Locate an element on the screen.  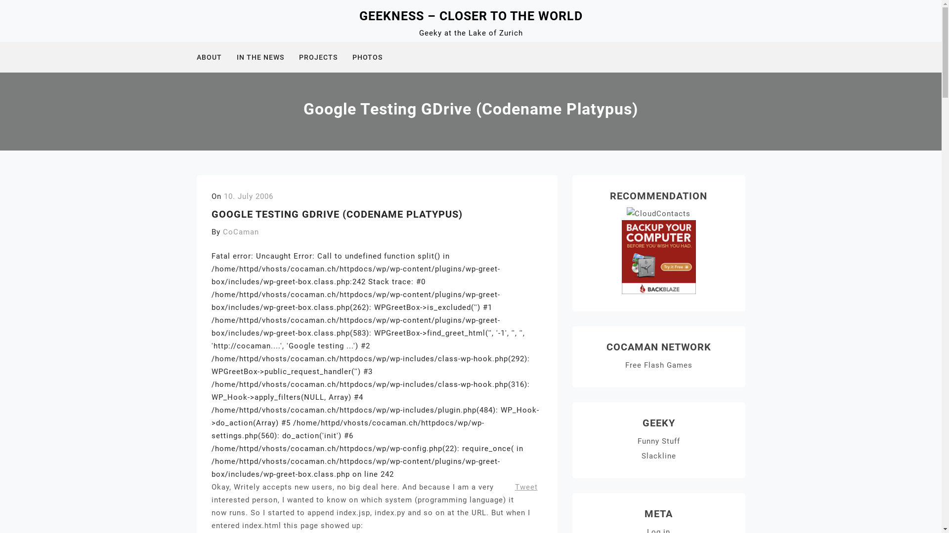
'Tweet' is located at coordinates (526, 487).